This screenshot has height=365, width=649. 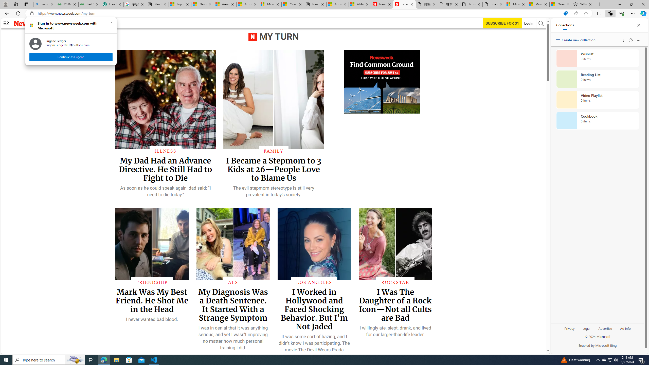 What do you see at coordinates (6, 23) in the screenshot?
I see `'AutomationID: side-arrow'` at bounding box center [6, 23].